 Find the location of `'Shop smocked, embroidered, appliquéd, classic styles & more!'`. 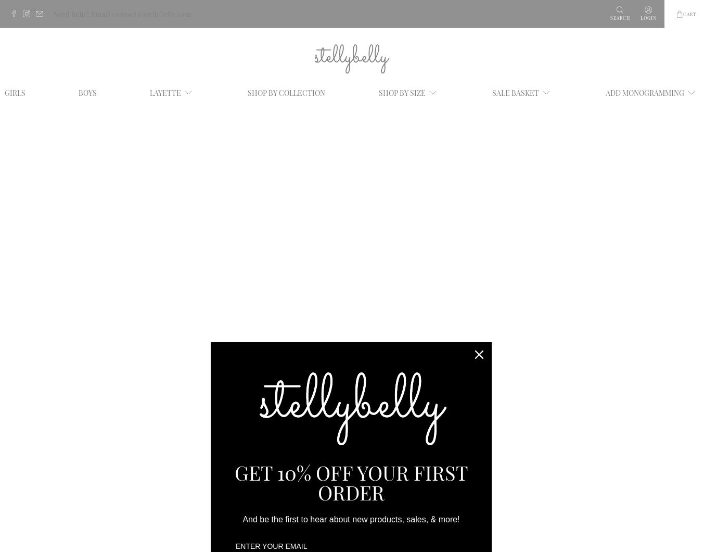

'Shop smocked, embroidered, appliquéd, classic styles & more!' is located at coordinates (144, 425).